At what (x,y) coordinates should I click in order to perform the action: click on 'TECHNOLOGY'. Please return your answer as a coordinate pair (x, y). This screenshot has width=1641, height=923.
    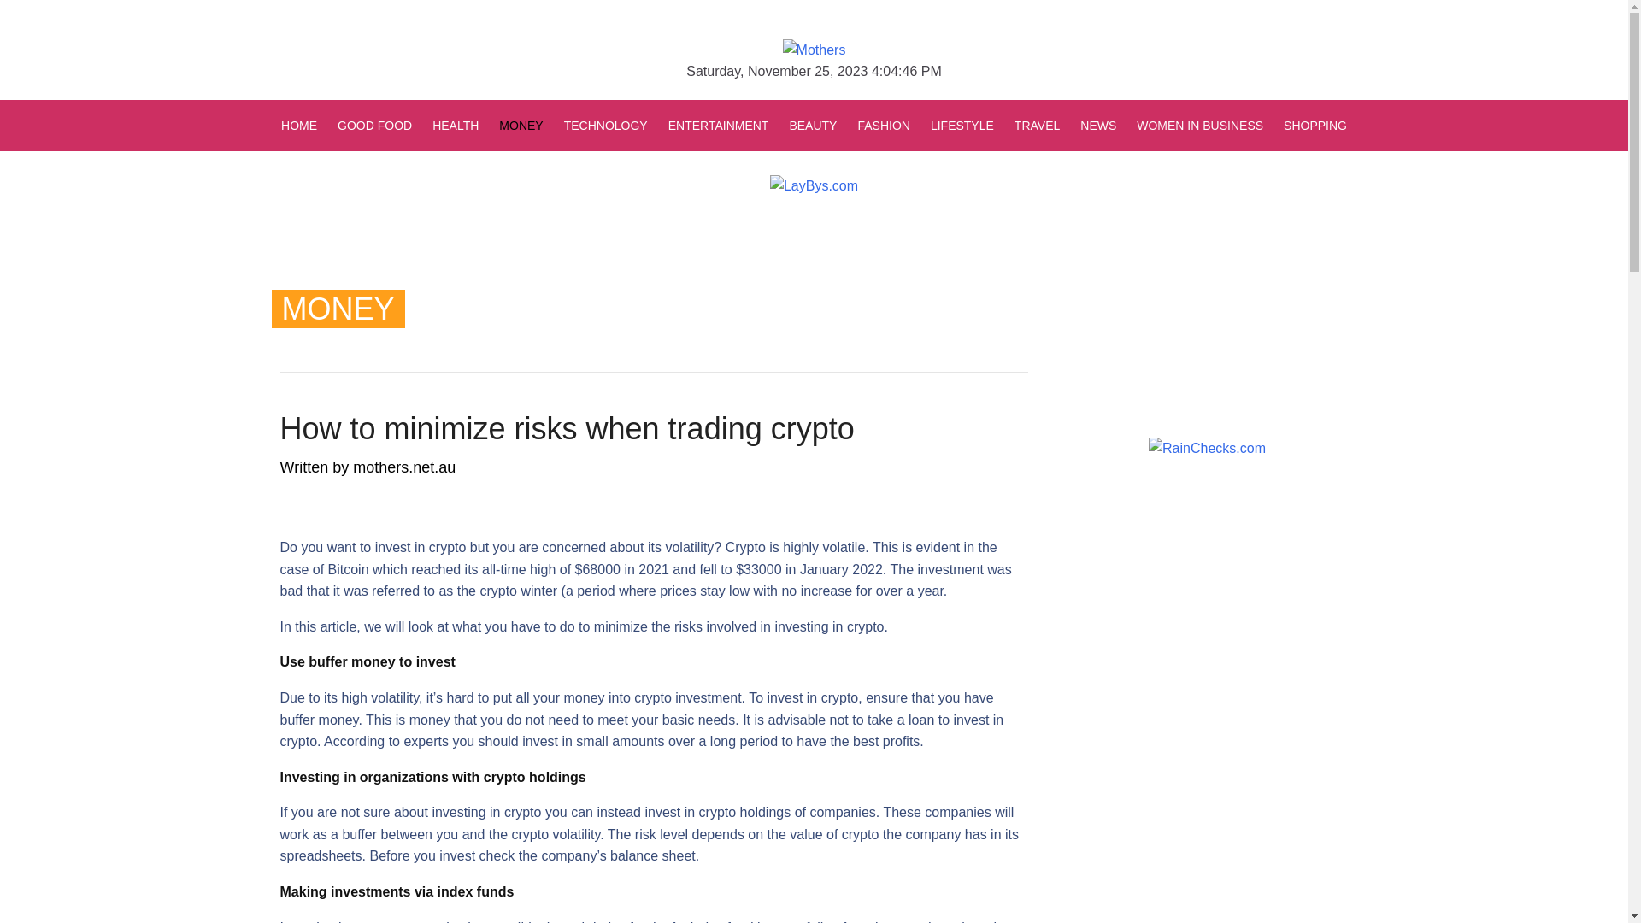
    Looking at the image, I should click on (606, 124).